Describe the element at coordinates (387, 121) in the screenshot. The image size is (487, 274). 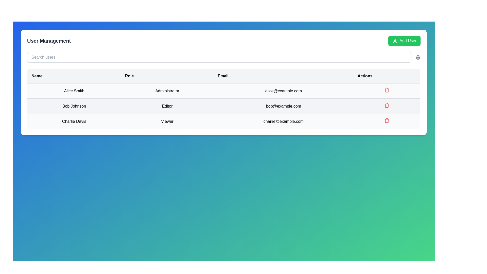
I see `the icon button in the 'Actions' column` at that location.